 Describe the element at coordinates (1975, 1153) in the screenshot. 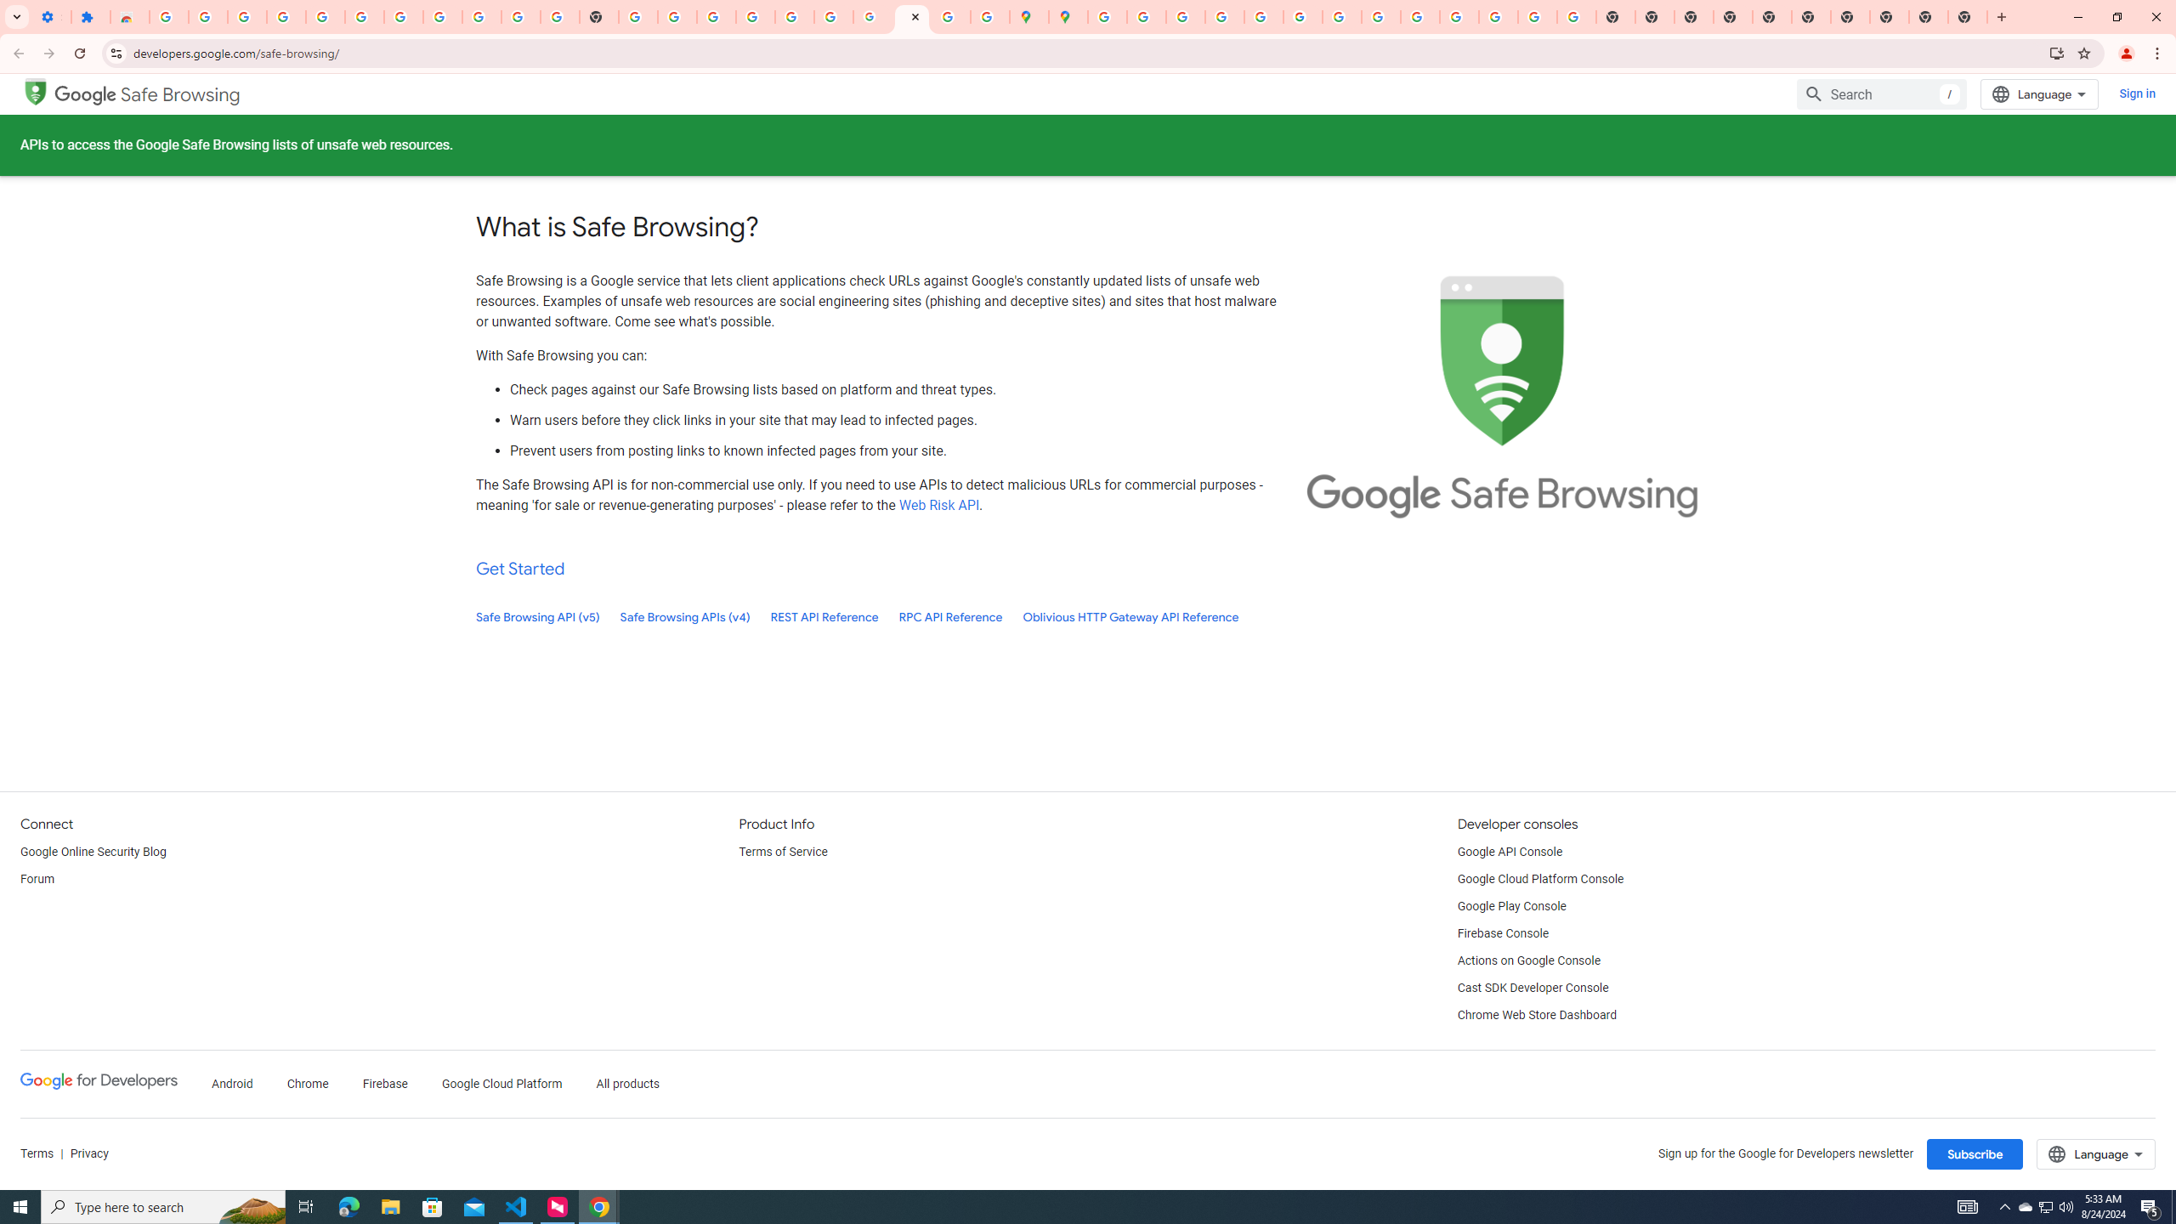

I see `'Subscribe'` at that location.